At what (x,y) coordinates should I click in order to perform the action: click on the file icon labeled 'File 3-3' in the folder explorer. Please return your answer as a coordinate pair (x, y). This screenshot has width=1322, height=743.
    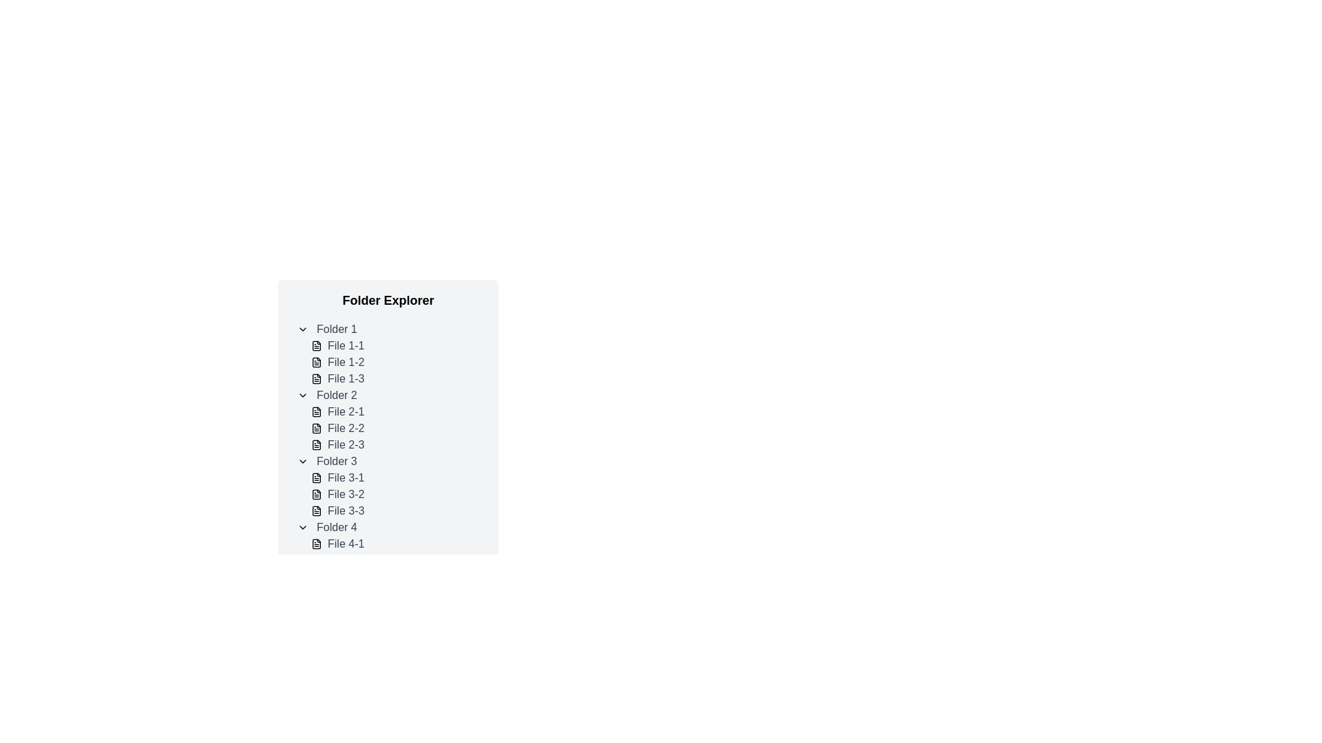
    Looking at the image, I should click on (316, 511).